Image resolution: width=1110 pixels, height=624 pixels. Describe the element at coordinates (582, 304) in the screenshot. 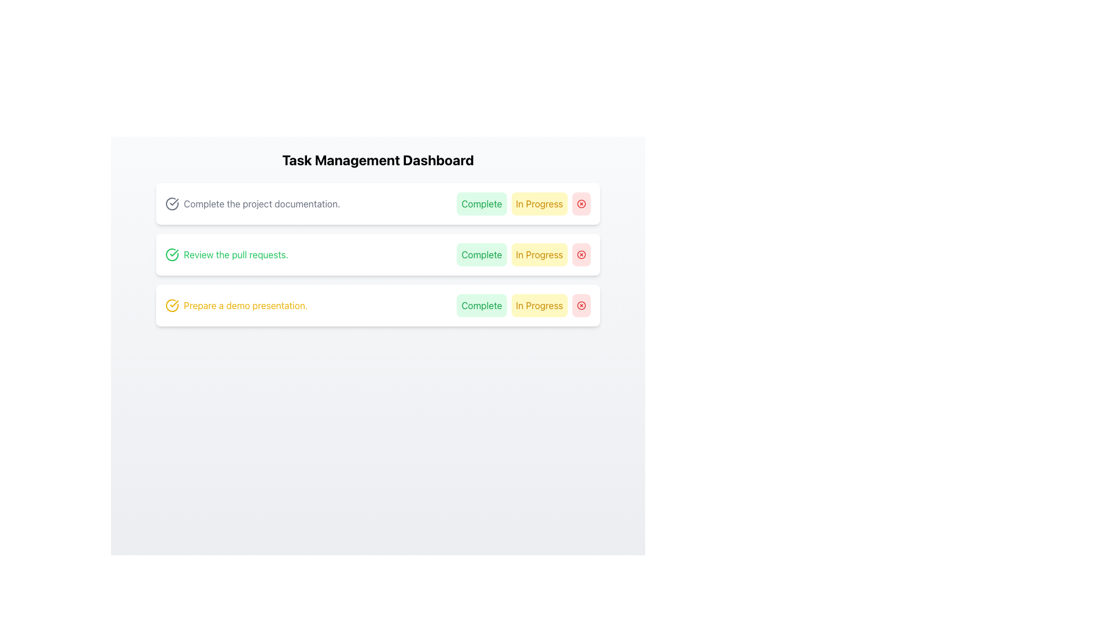

I see `the small circular red-bordered button with an embedded cross shape` at that location.